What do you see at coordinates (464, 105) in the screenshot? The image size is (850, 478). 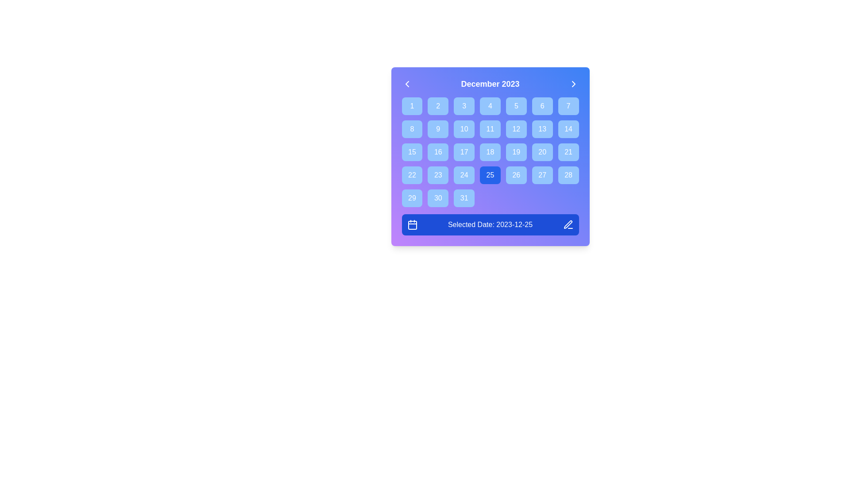 I see `the static calendar element representing day '3', which is the third item in the first row of the calendar widget` at bounding box center [464, 105].